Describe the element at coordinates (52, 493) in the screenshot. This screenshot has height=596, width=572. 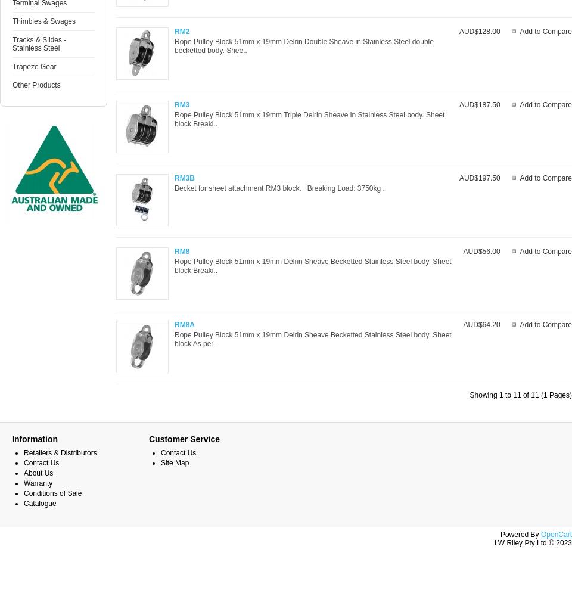
I see `'Conditions of Sale'` at that location.